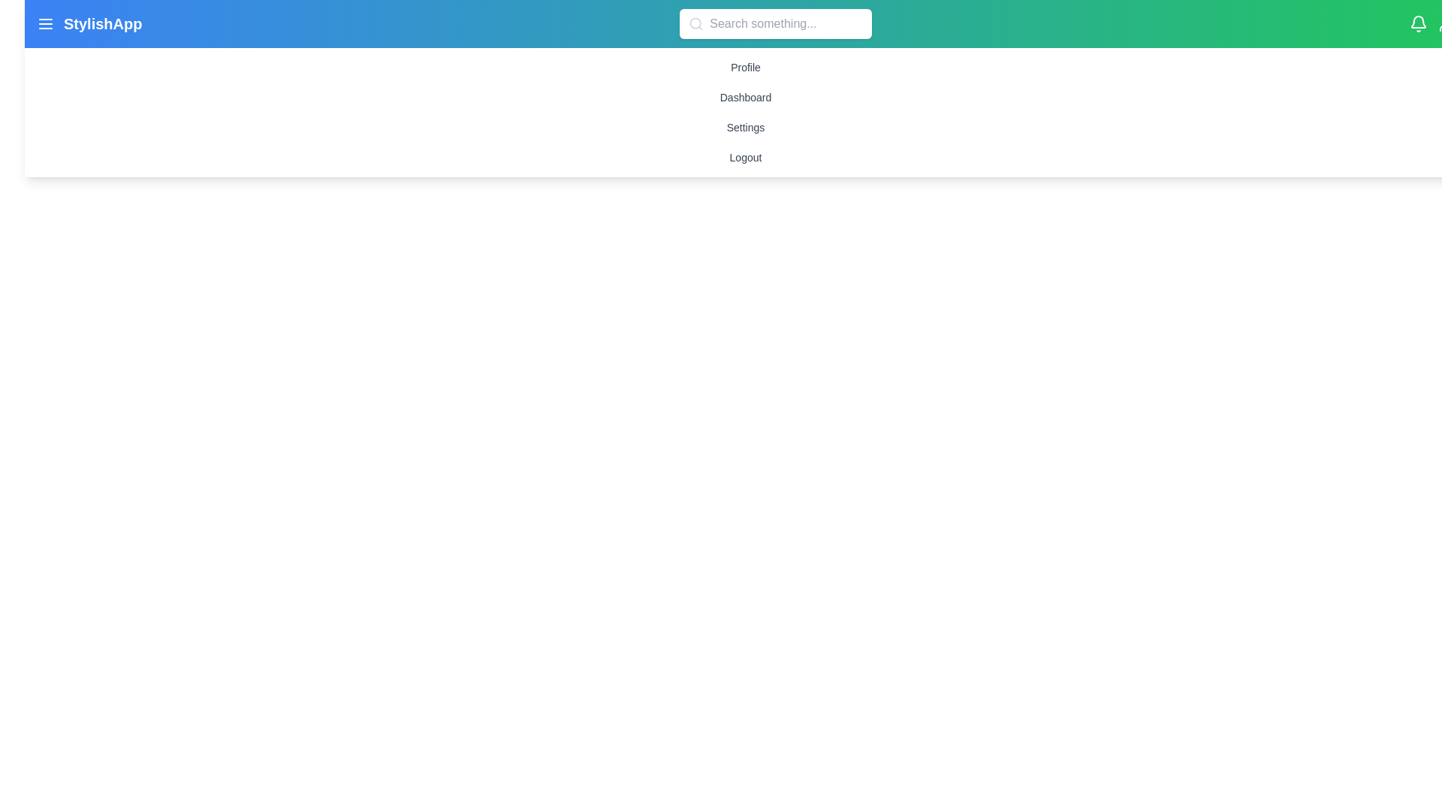 This screenshot has width=1442, height=811. I want to click on the navigational icon button located in the top-left corner, adjacent to the text 'StylishApp', so click(46, 23).